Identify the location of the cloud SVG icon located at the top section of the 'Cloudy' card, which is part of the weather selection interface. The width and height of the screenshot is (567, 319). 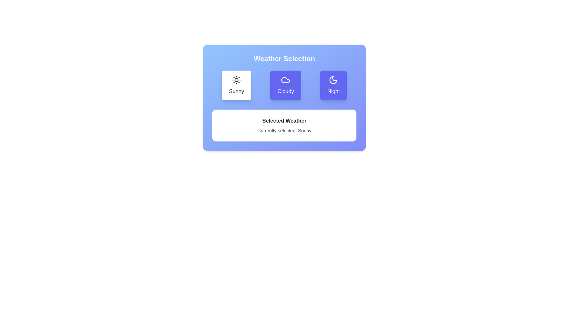
(286, 80).